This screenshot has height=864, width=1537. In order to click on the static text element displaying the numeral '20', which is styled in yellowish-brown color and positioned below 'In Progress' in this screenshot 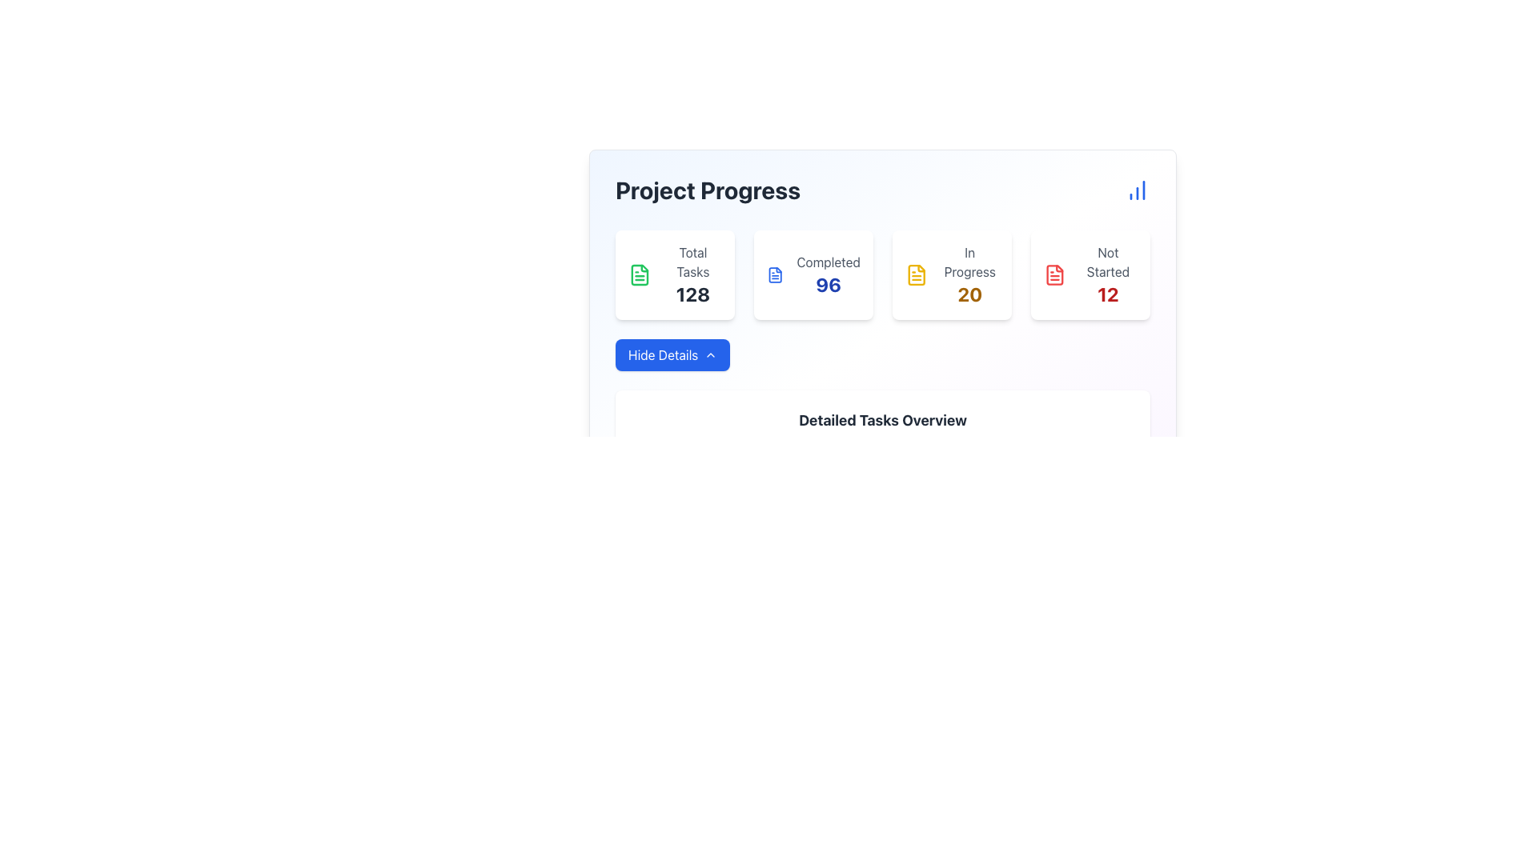, I will do `click(969, 294)`.